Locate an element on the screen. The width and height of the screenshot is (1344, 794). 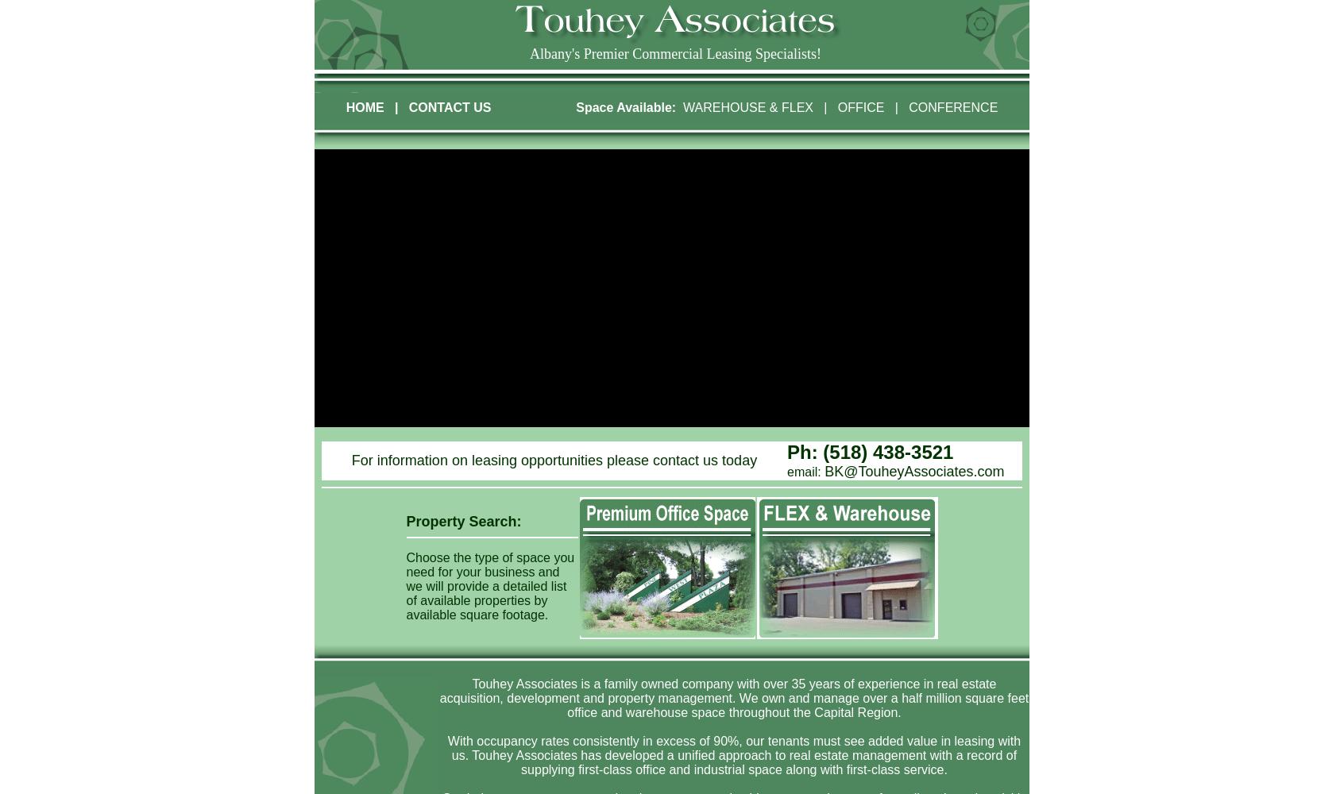
'WAREHOUSE' is located at coordinates (723, 107).